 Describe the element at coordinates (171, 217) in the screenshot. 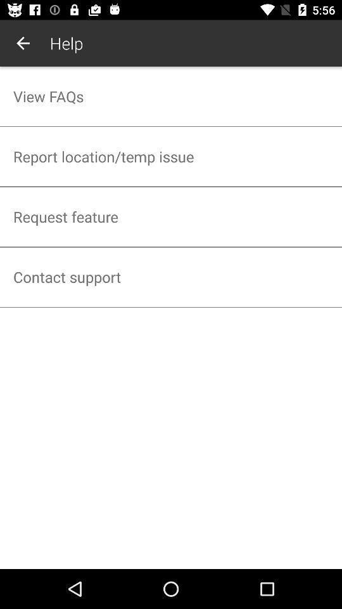

I see `the request feature` at that location.